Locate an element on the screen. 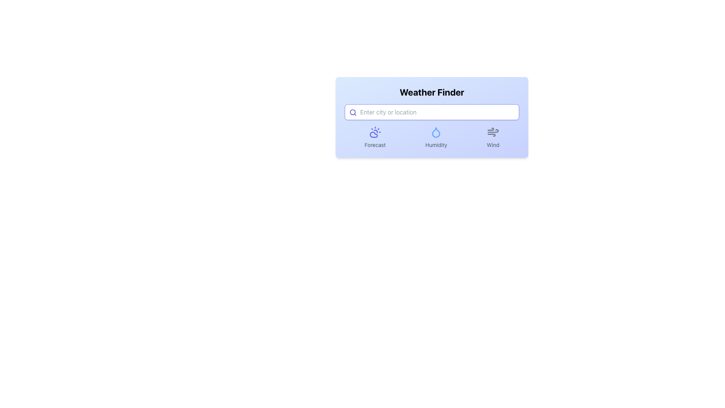 This screenshot has width=725, height=408. the Grouped UI element featuring 'Forecast', 'Humidity', and 'Wind' labels with icons, located centrally in the weather interface is located at coordinates (432, 137).